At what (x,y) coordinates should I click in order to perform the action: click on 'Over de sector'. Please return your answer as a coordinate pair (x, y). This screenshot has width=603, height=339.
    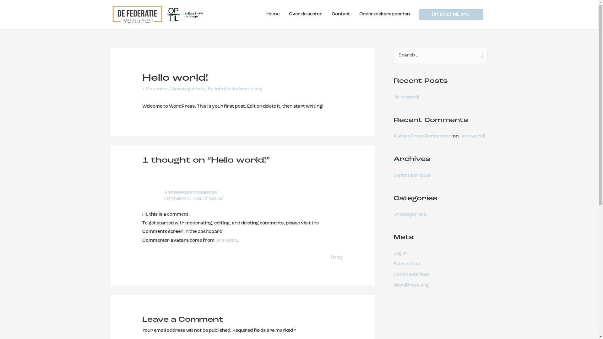
    Looking at the image, I should click on (305, 14).